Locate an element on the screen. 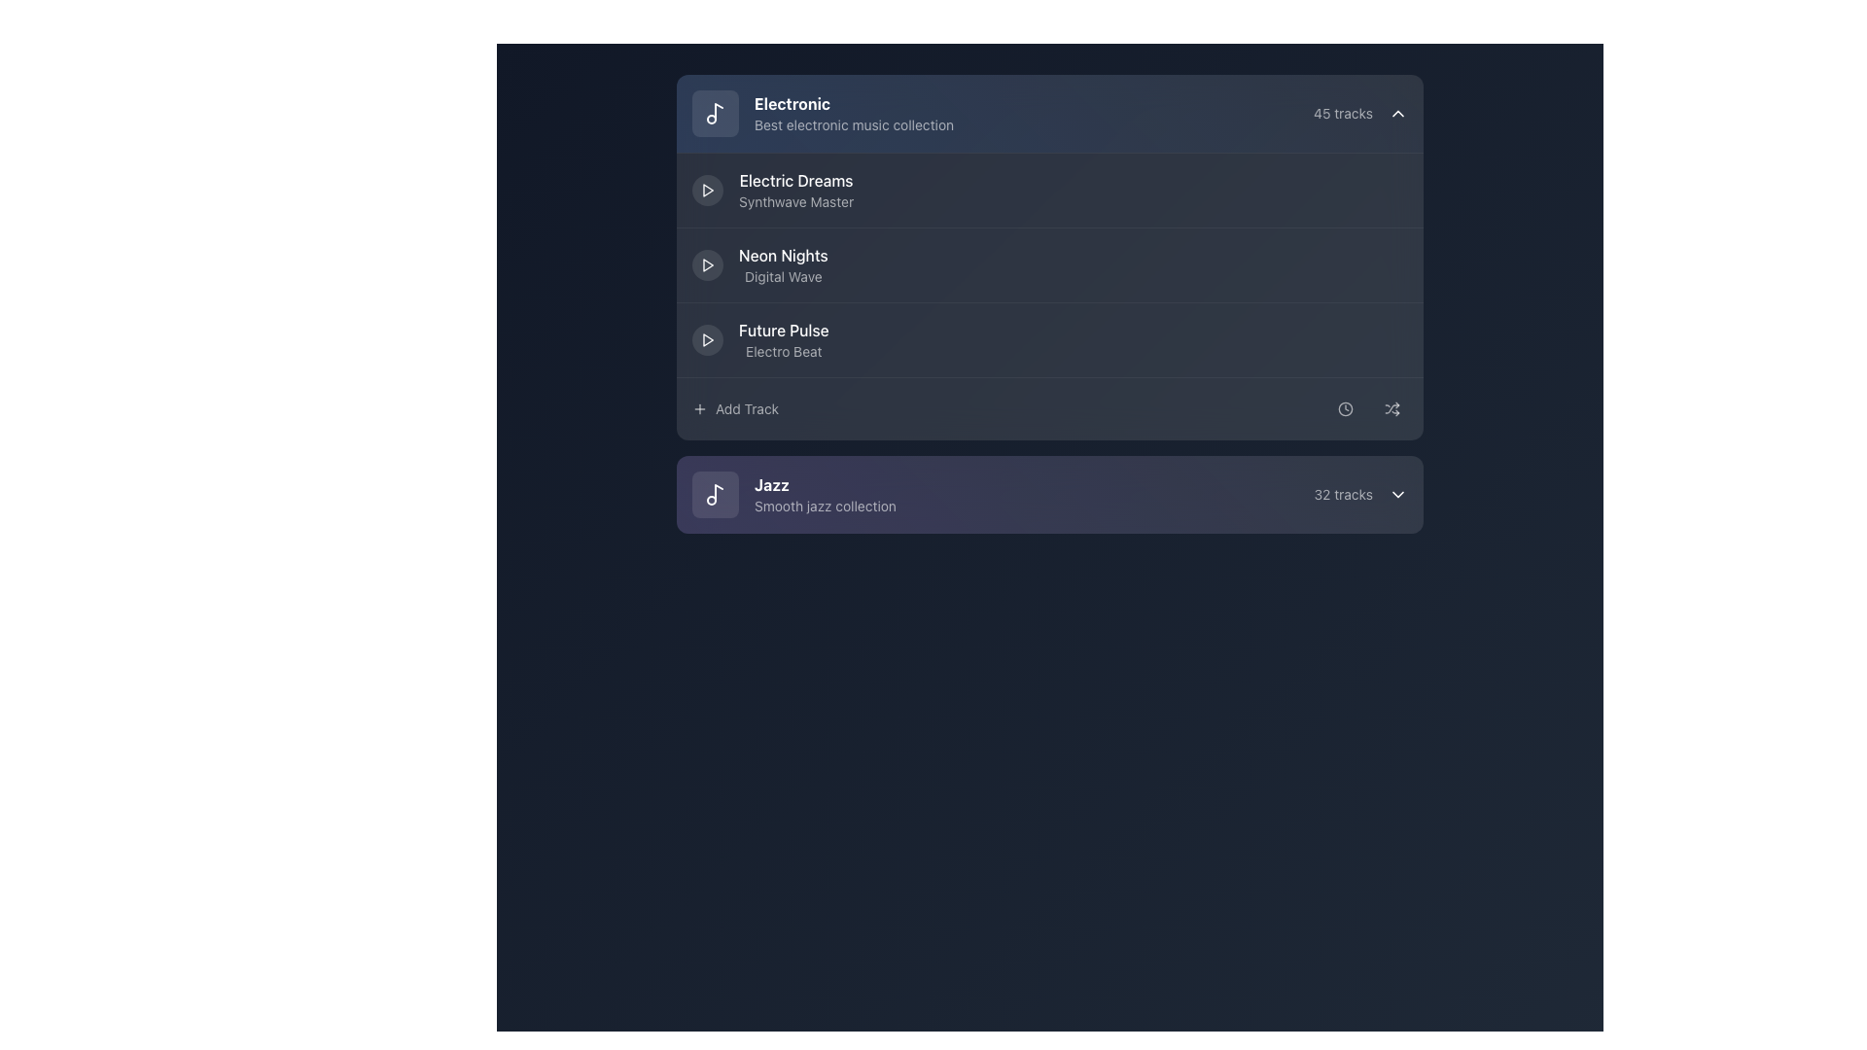 This screenshot has height=1050, width=1867. the subtitle text label providing additional context for the 'Neon Nights' entry, located in the middle right area of the layout below the title is located at coordinates (783, 277).